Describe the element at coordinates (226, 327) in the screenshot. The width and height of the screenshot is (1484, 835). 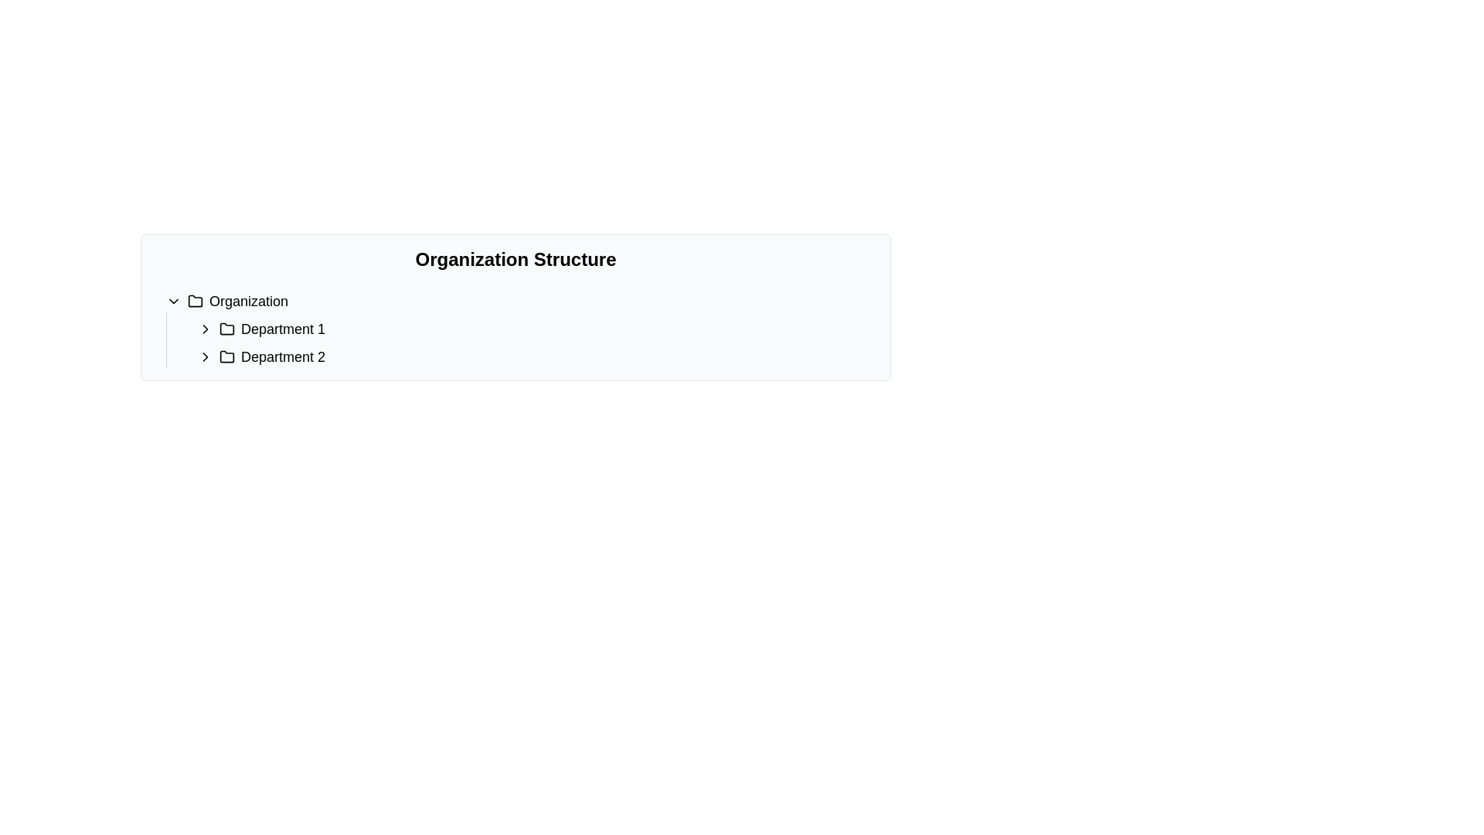
I see `the folder icon representing 'Department 1', which is visually aligned to the left of the folder label in the interface` at that location.